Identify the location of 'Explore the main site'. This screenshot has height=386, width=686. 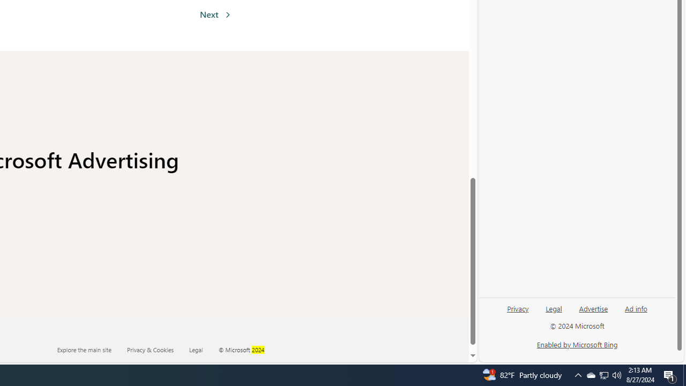
(91, 349).